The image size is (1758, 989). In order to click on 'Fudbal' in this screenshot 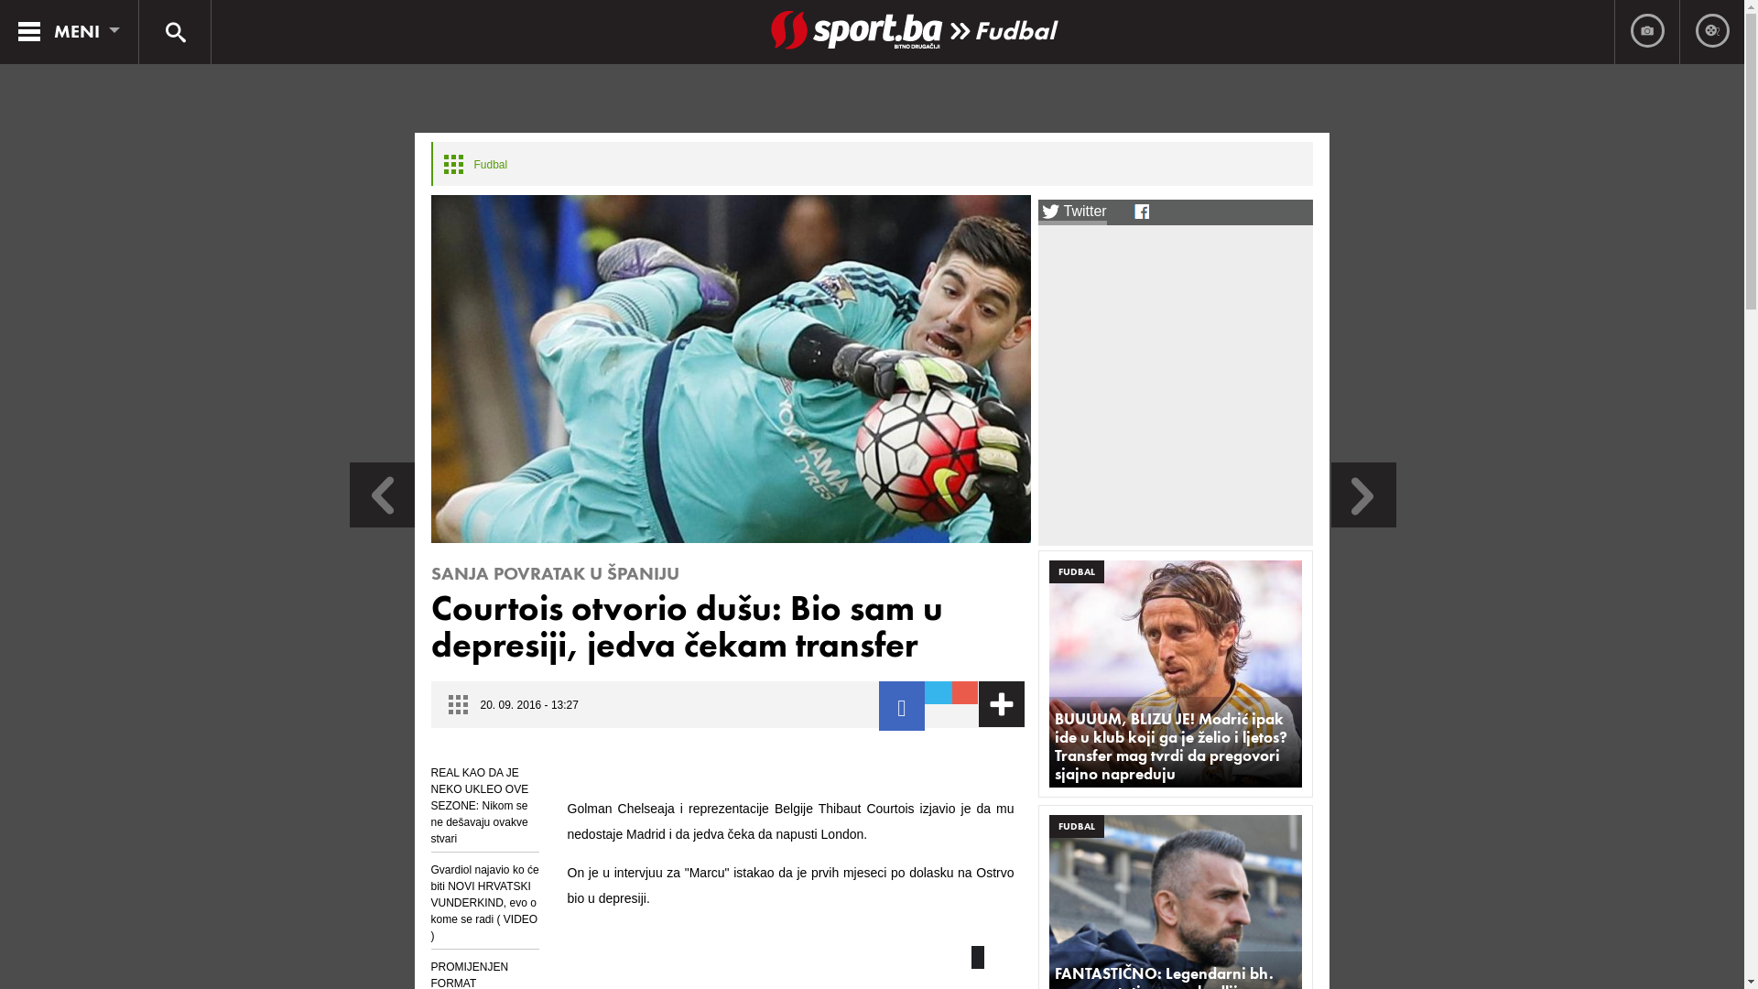, I will do `click(491, 165)`.